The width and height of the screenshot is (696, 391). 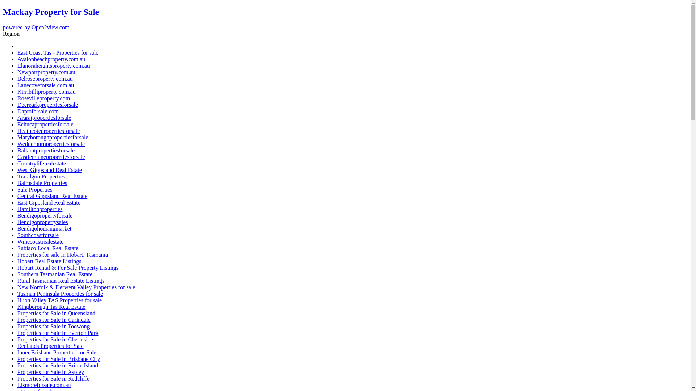 What do you see at coordinates (51, 59) in the screenshot?
I see `'Avalonbeachproperty.com.au'` at bounding box center [51, 59].